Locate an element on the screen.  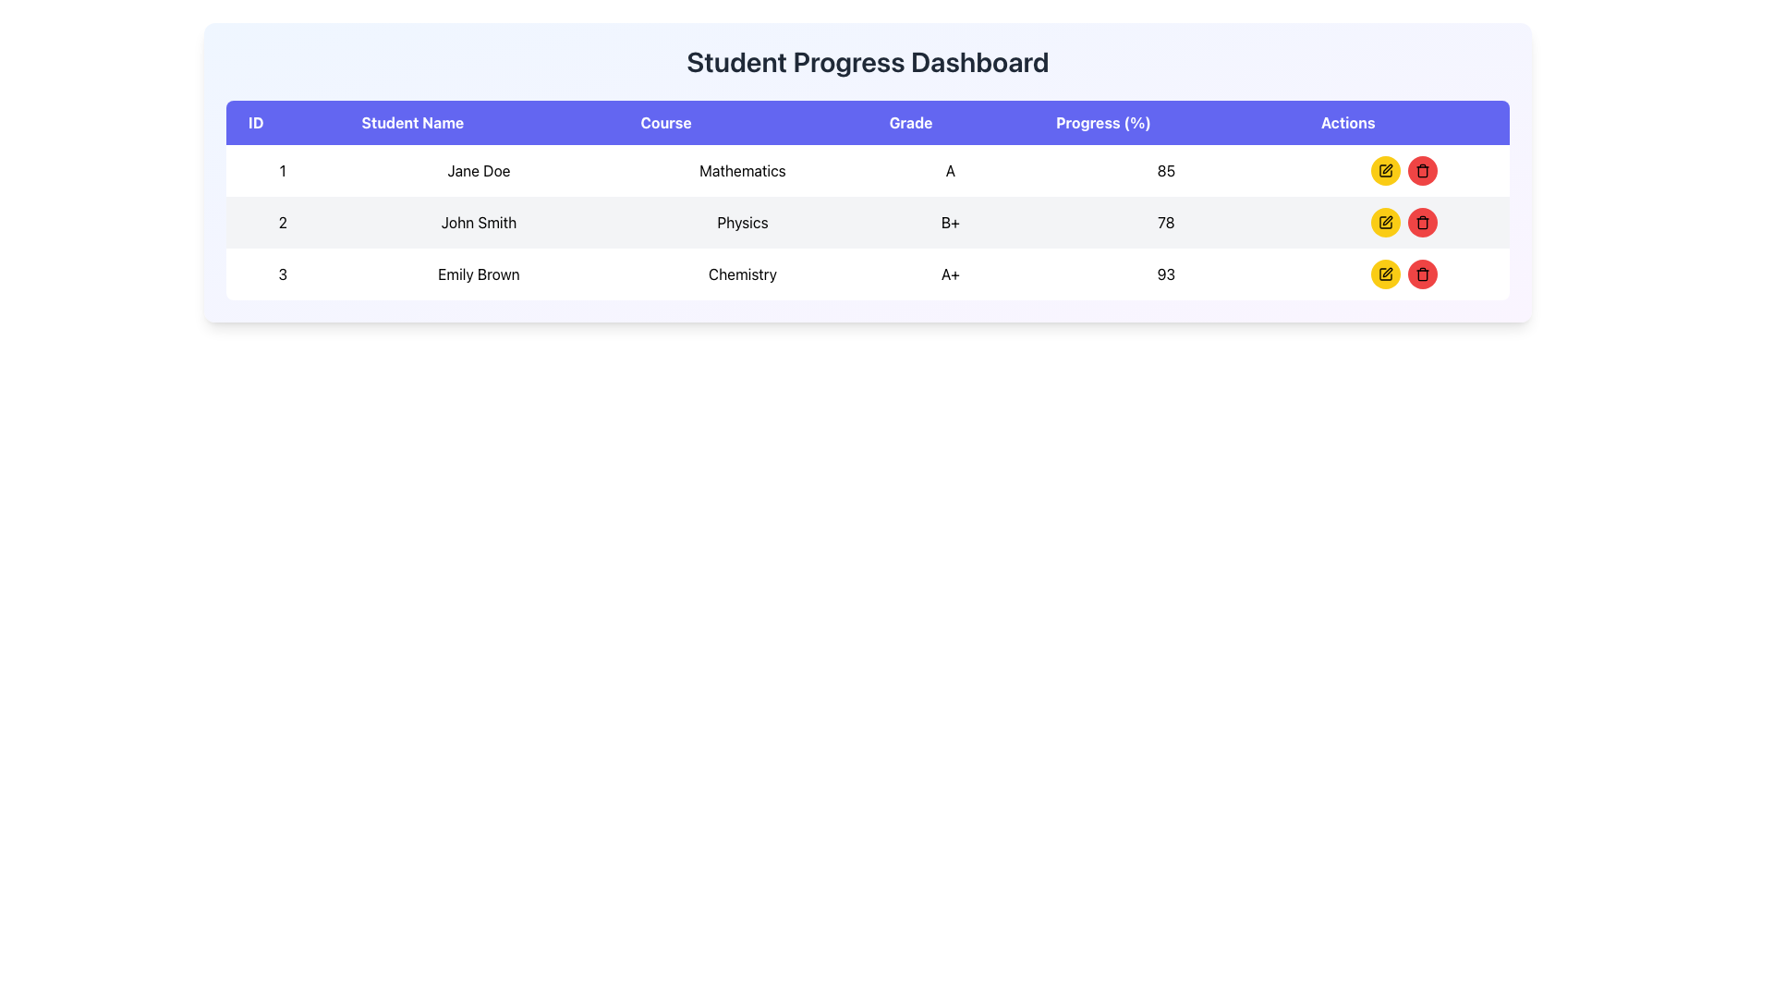
the circular yellow button with a pen icon in the 'Actions' column of the third row in the 'Student Progress Dashboard' is located at coordinates (1384, 274).